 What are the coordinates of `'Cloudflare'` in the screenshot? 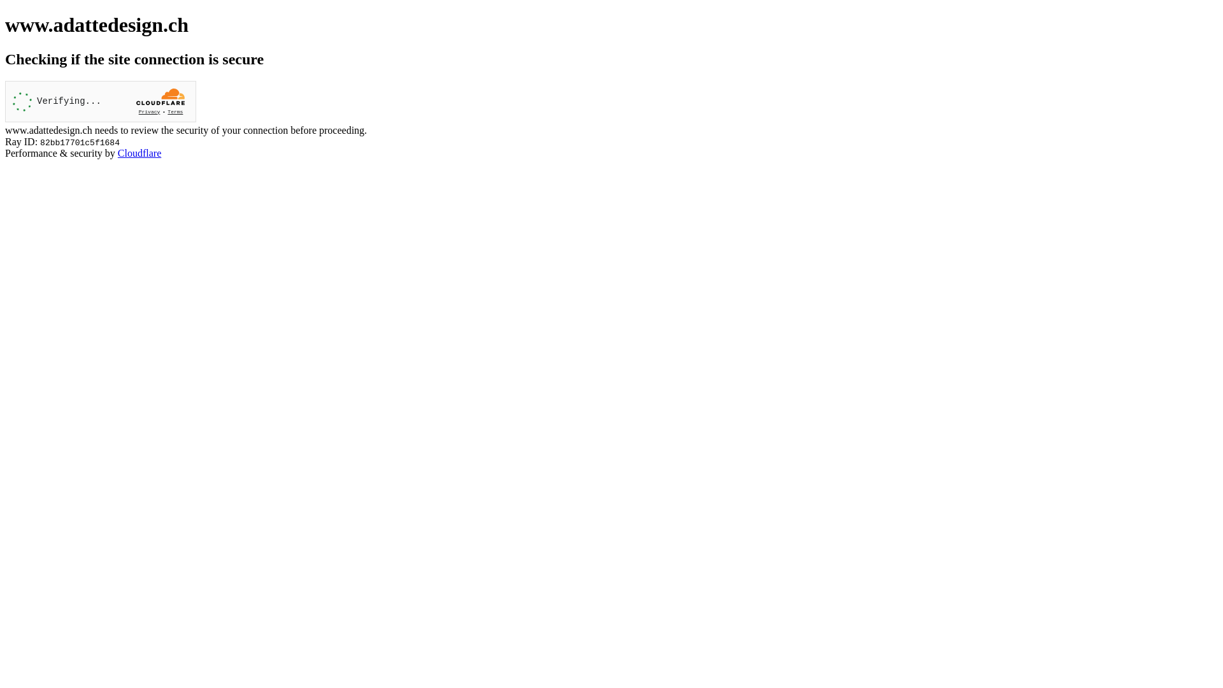 It's located at (118, 152).